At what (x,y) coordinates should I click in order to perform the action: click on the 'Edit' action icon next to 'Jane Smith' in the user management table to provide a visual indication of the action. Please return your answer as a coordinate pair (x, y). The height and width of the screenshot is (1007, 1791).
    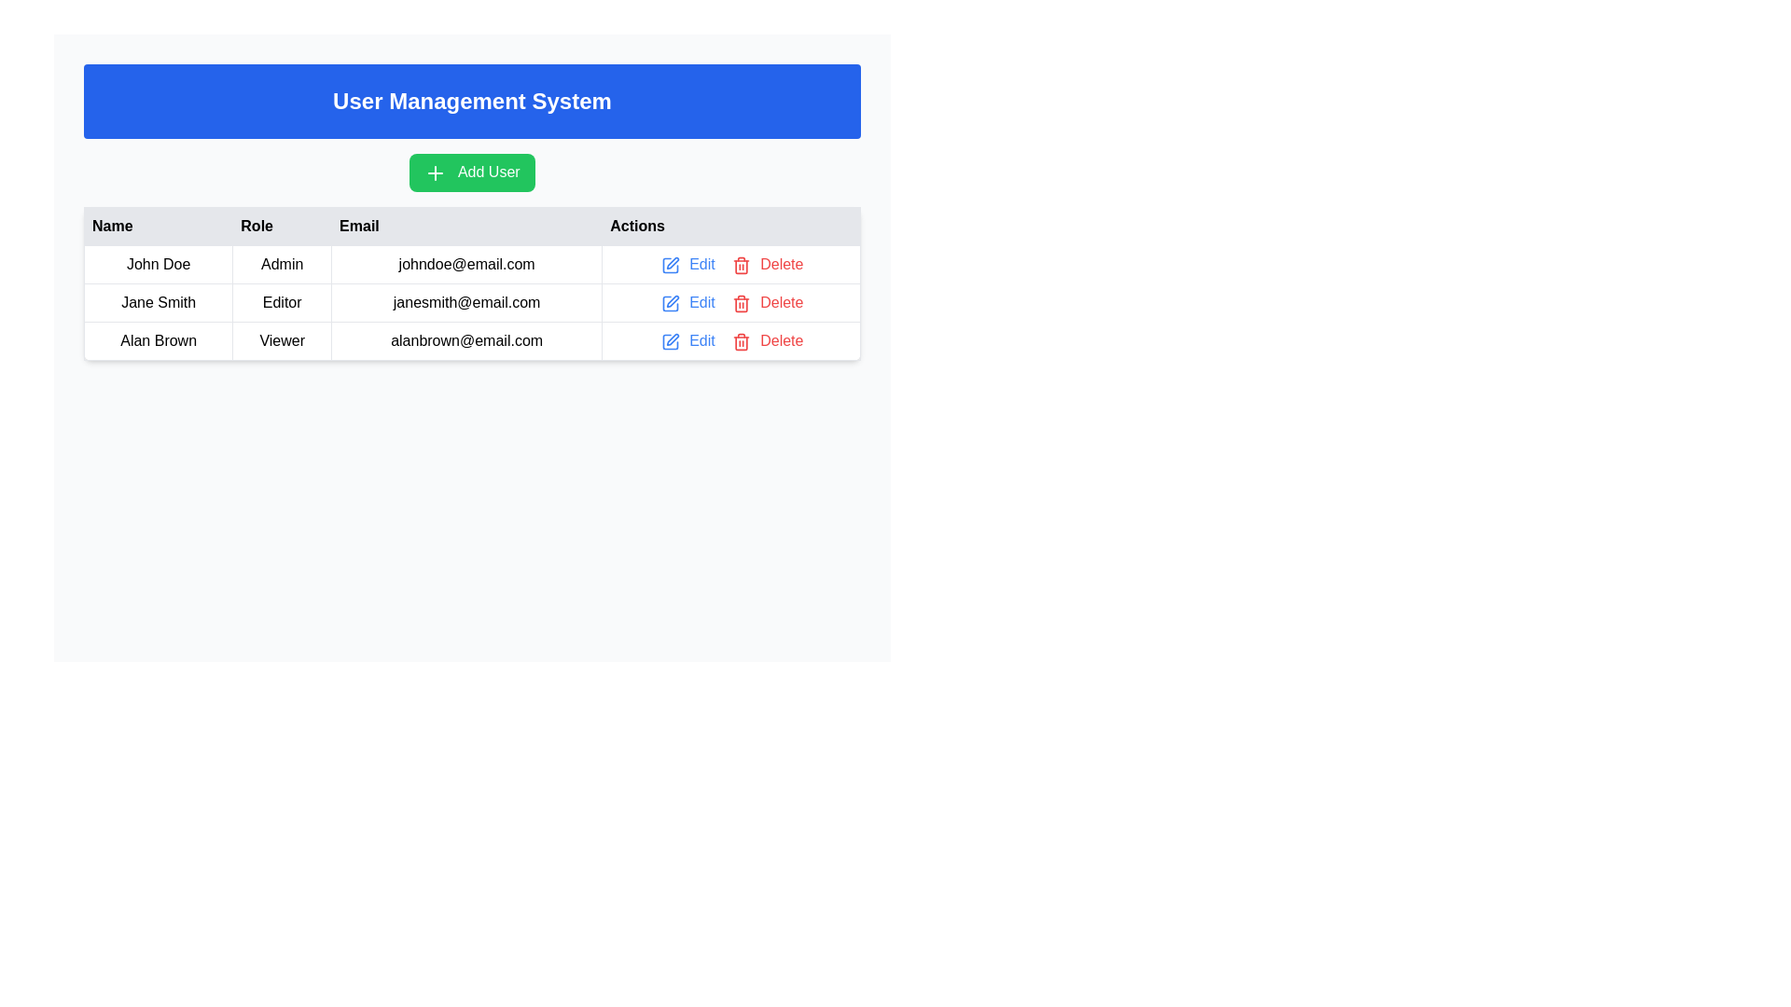
    Looking at the image, I should click on (672, 300).